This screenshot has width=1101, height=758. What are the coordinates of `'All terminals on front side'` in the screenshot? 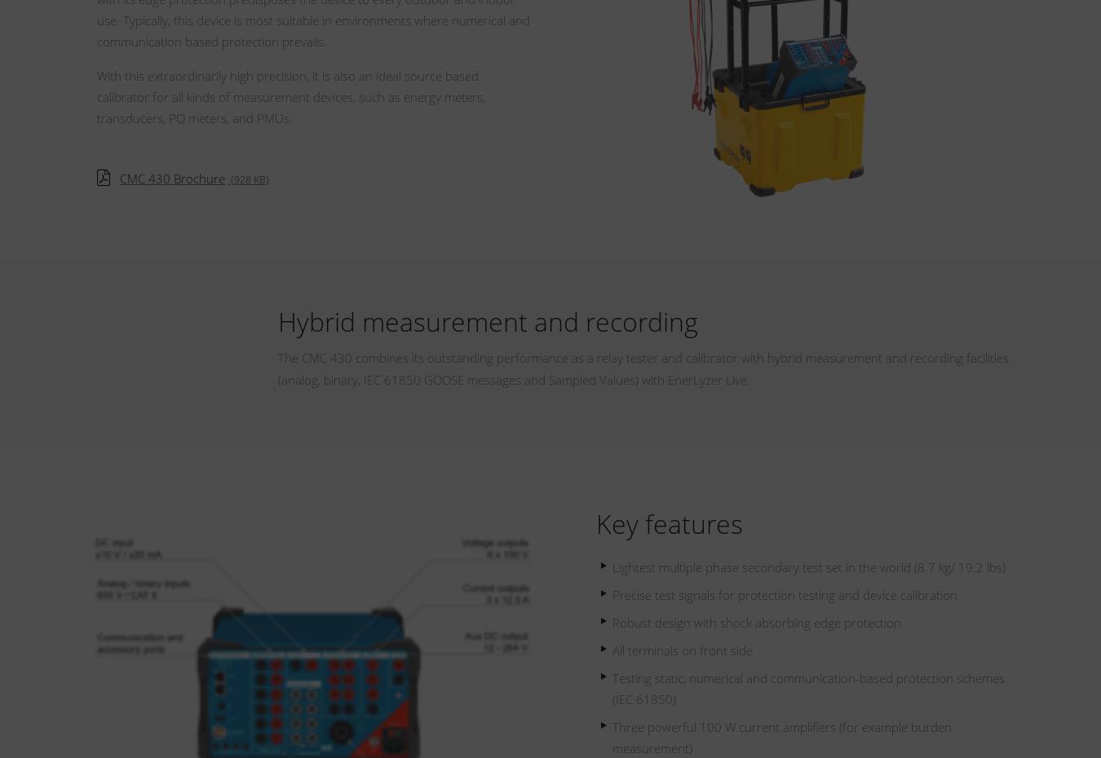 It's located at (683, 650).